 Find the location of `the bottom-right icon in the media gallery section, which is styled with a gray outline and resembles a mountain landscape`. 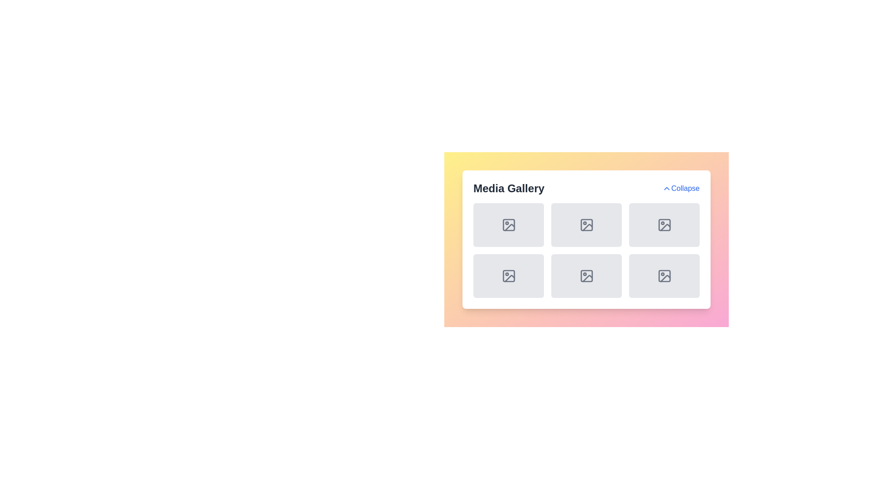

the bottom-right icon in the media gallery section, which is styled with a gray outline and resembles a mountain landscape is located at coordinates (664, 275).